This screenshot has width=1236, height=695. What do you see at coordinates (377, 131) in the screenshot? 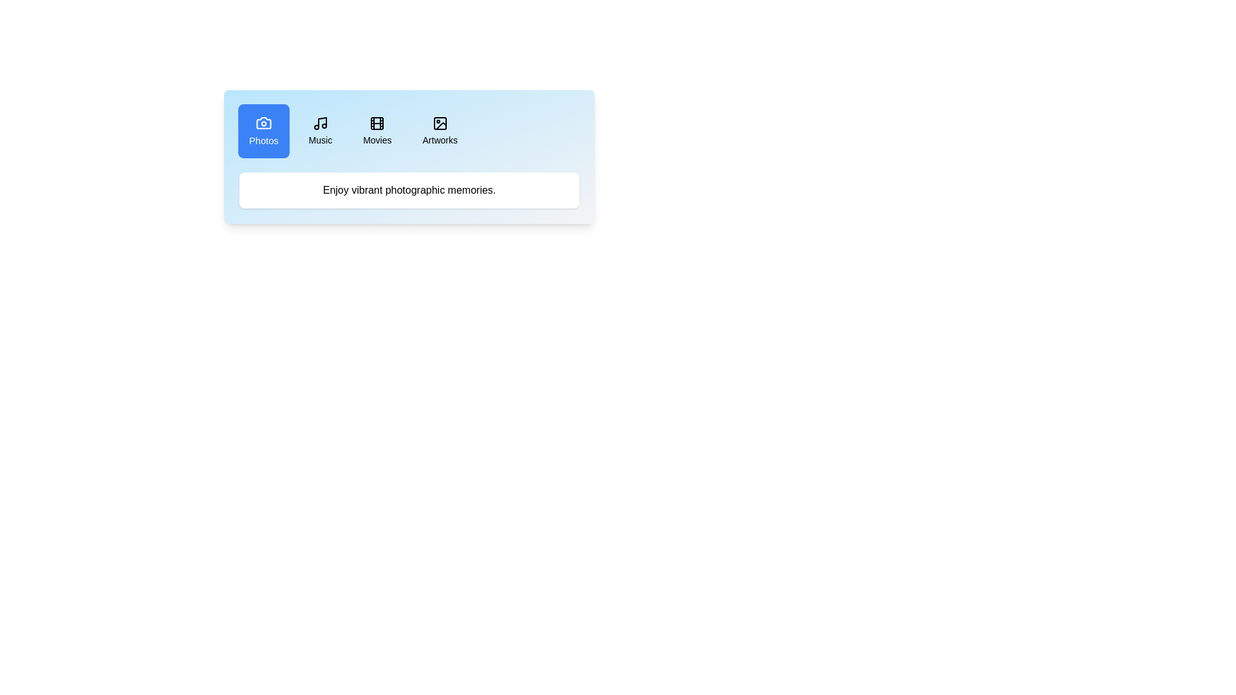
I see `the tab button corresponding to Movies` at bounding box center [377, 131].